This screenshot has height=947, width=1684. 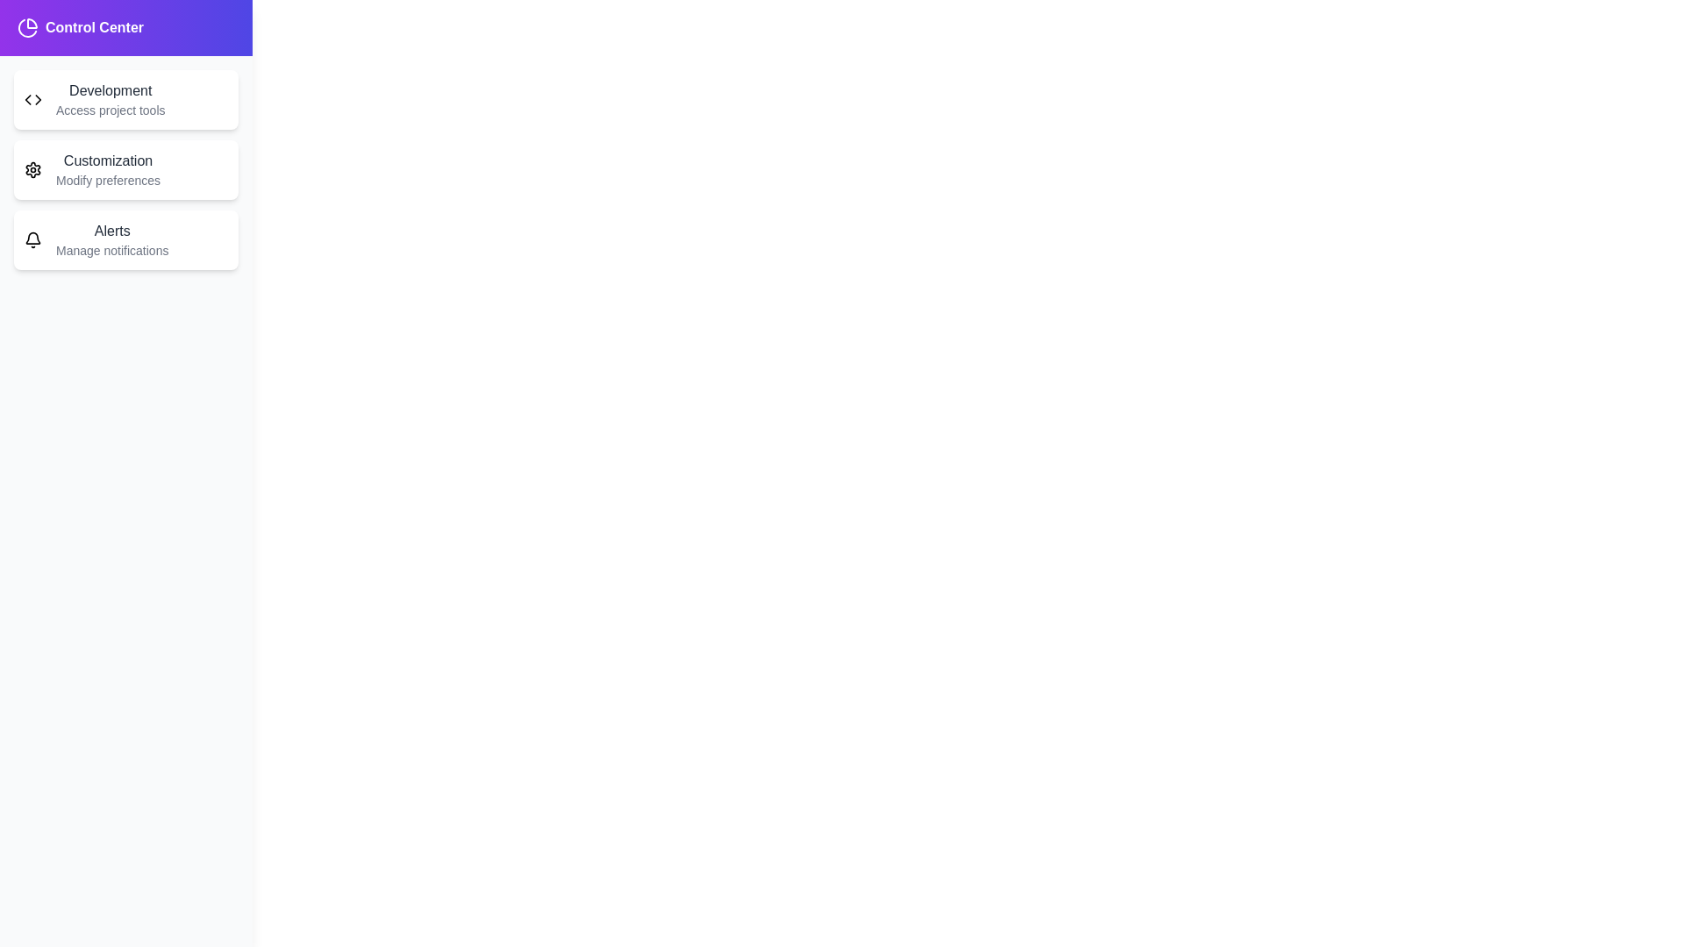 What do you see at coordinates (125, 100) in the screenshot?
I see `the menu item Development in the drawer` at bounding box center [125, 100].